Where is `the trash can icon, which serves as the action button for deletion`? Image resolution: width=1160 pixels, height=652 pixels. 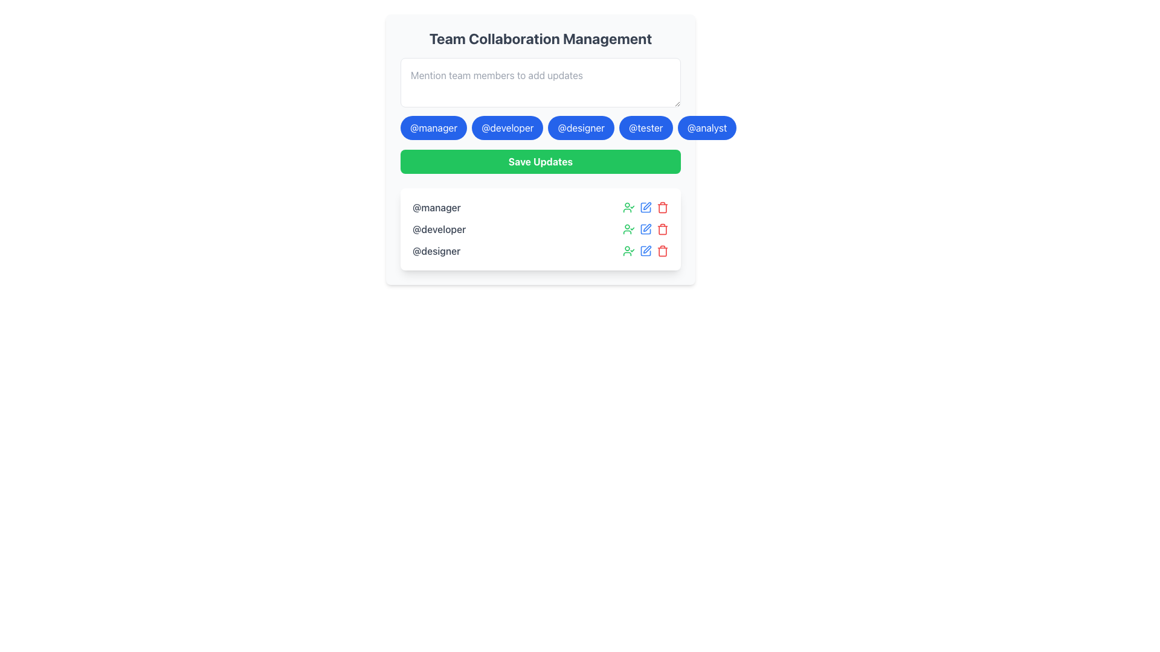
the trash can icon, which serves as the action button for deletion is located at coordinates (662, 207).